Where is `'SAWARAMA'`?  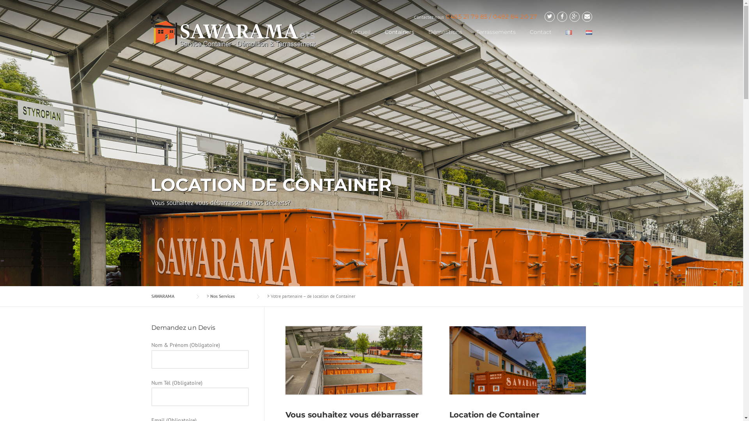
'SAWARAMA' is located at coordinates (151, 296).